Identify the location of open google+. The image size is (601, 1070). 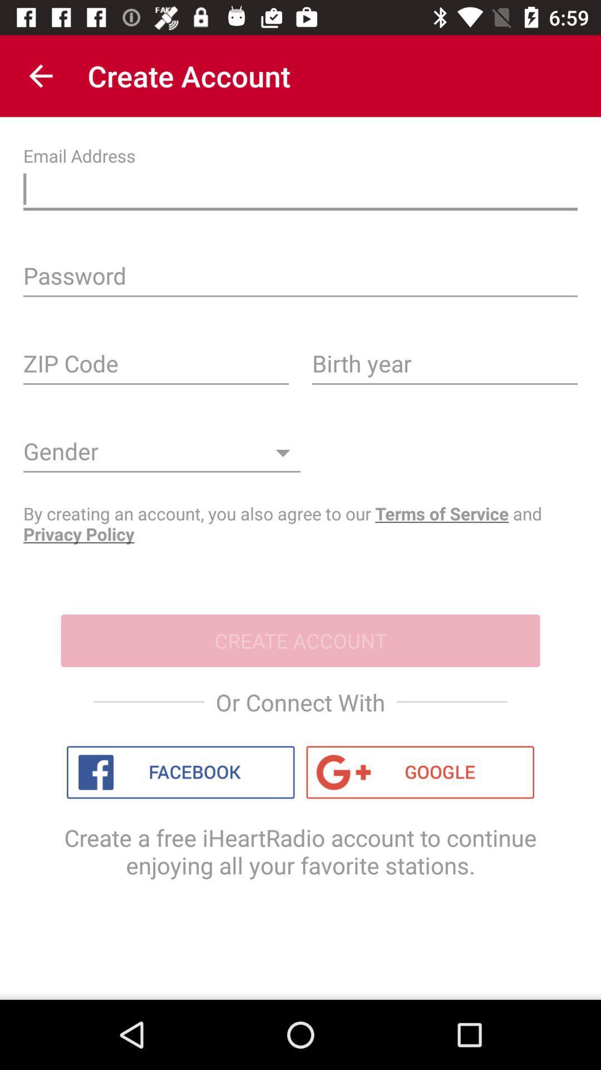
(420, 772).